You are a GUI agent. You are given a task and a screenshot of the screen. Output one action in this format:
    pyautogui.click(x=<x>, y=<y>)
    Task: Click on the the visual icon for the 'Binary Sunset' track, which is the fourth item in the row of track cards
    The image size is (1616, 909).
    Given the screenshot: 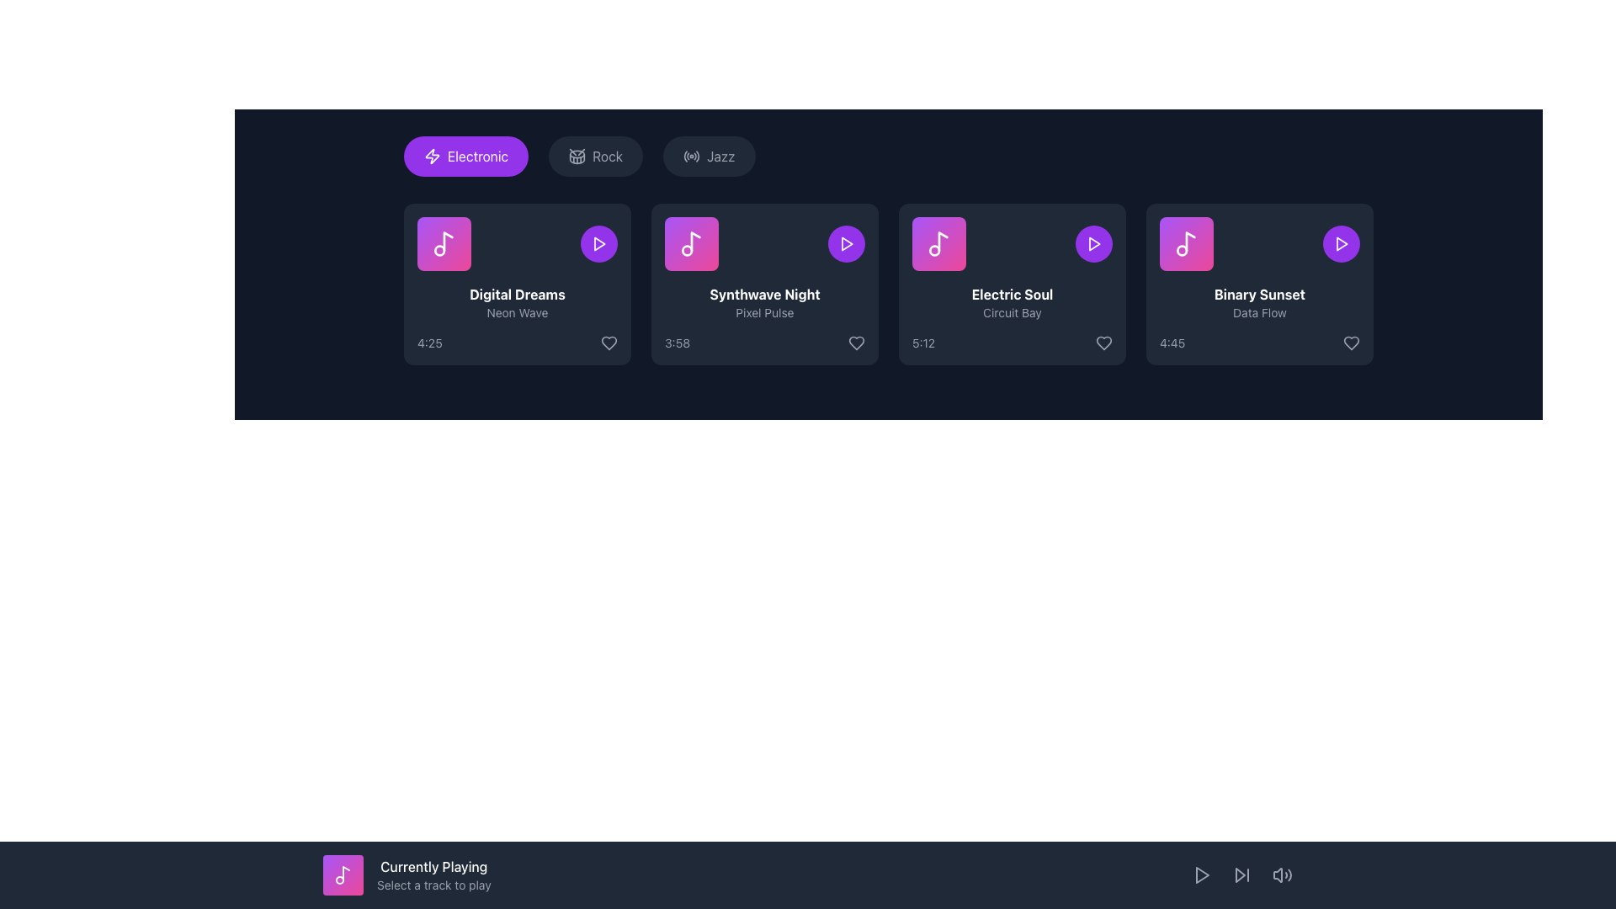 What is the action you would take?
    pyautogui.click(x=1186, y=243)
    